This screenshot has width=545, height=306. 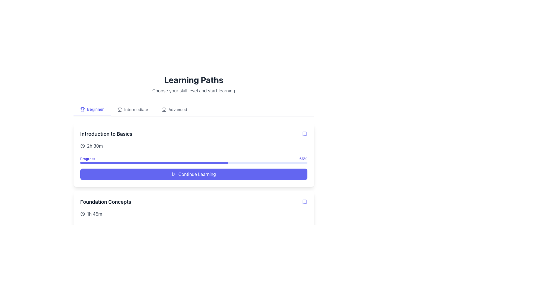 I want to click on the progress bar titled 'Progress' which shows '65%', so click(x=194, y=159).